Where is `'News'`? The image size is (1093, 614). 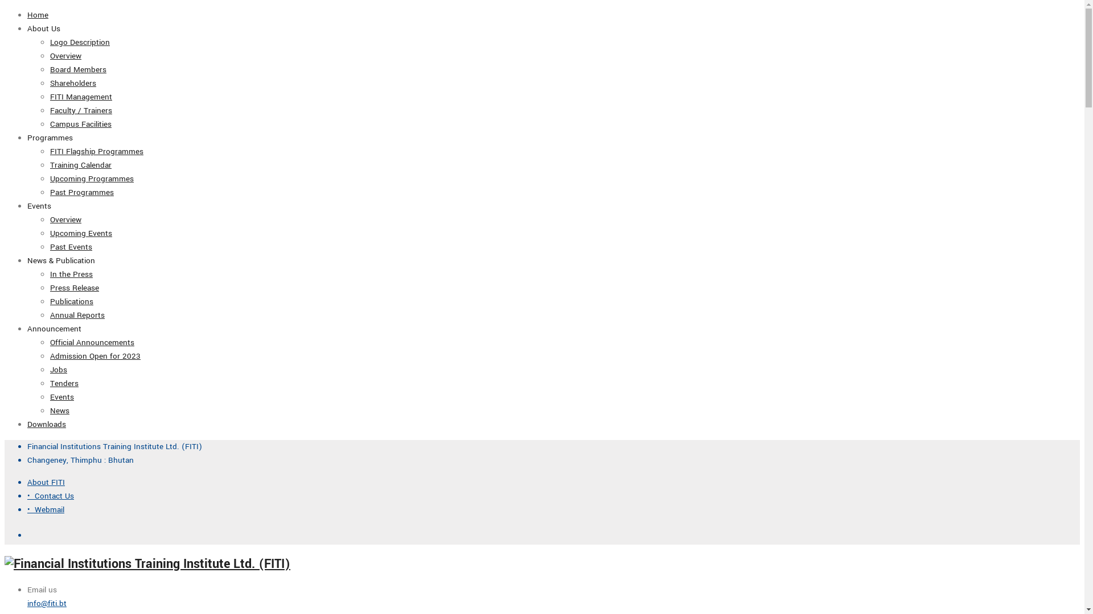
'News' is located at coordinates (59, 410).